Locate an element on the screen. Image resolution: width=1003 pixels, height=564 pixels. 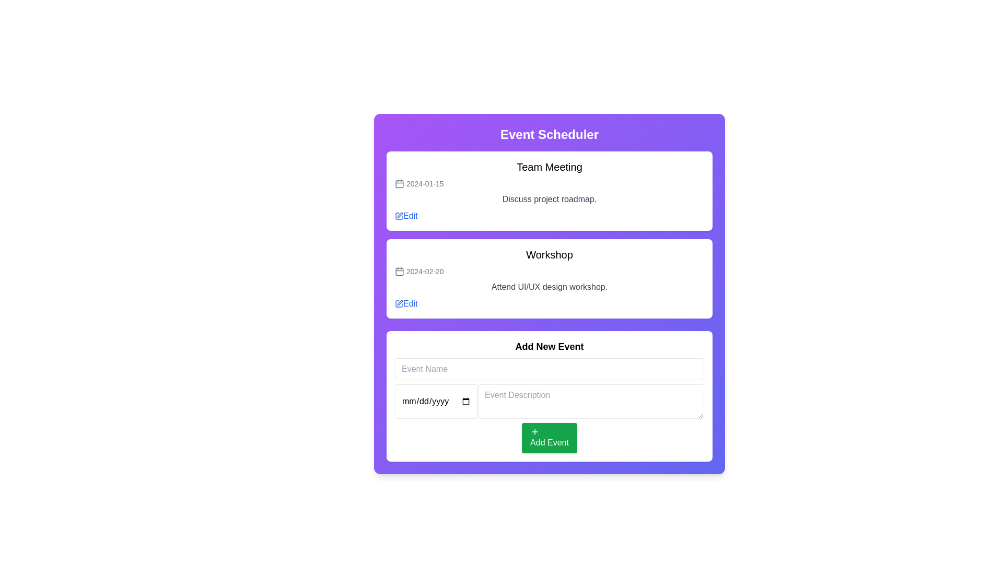
the '+' icon located left-aligned within the green 'Add Event' button at the bottom of the 'Add New Event' section is located at coordinates (534, 431).